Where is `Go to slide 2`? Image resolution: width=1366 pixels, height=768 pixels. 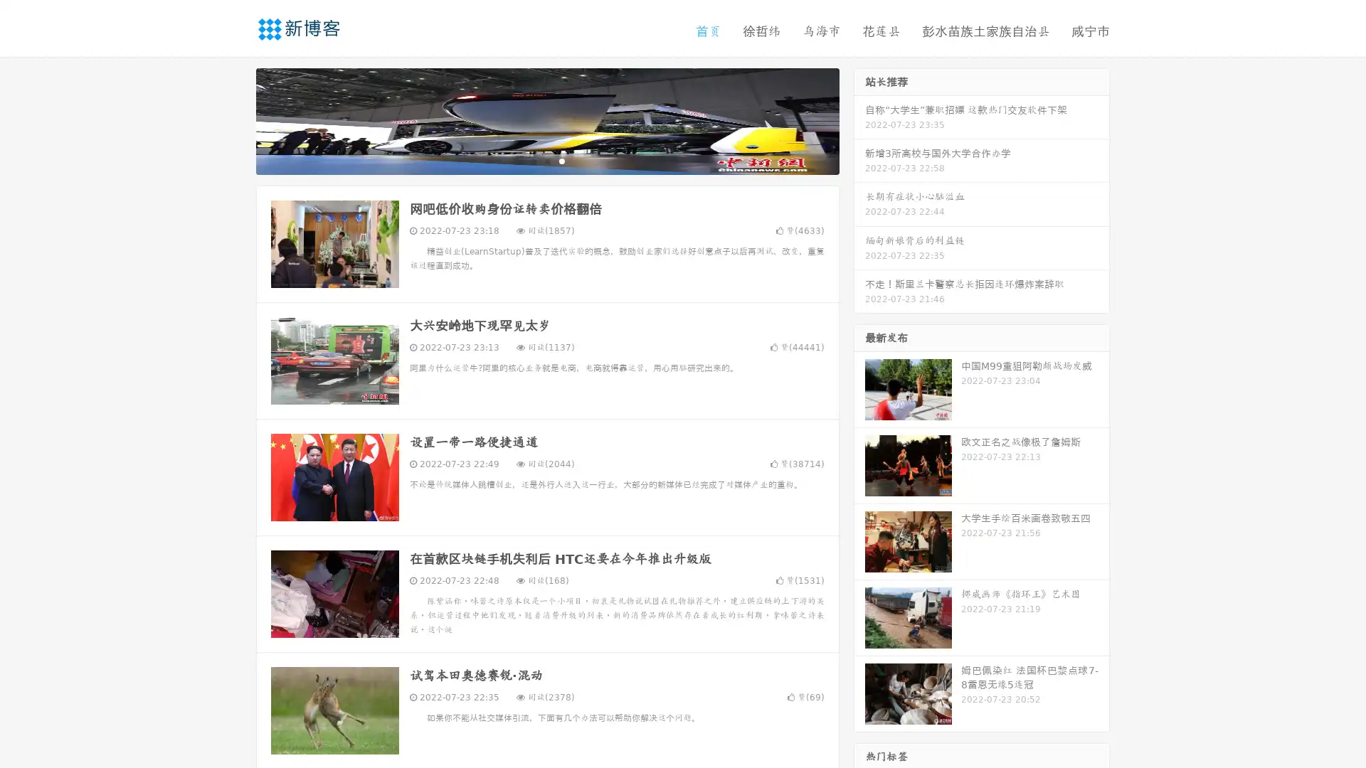 Go to slide 2 is located at coordinates (546, 160).